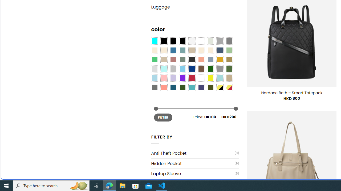  Describe the element at coordinates (195, 163) in the screenshot. I see `'Hidden Pocket(9)'` at that location.